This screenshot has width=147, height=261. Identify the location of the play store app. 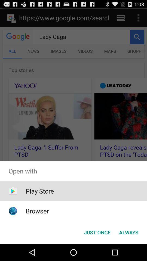
(39, 191).